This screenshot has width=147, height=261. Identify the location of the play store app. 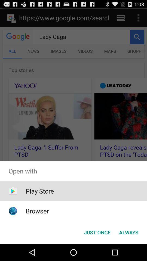
(39, 191).